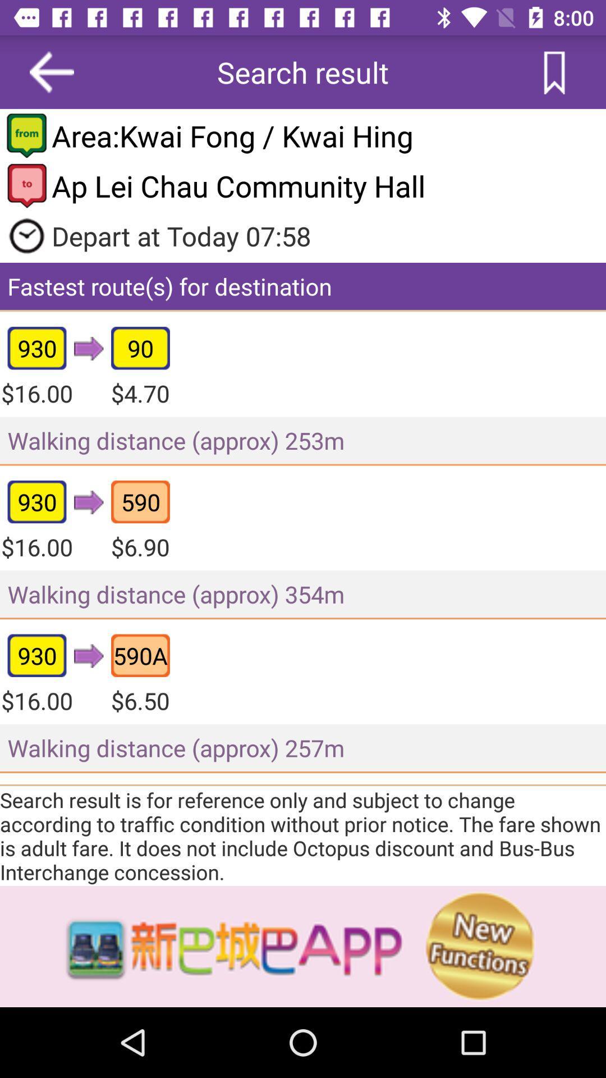  What do you see at coordinates (52, 71) in the screenshot?
I see `the arrow_backward icon` at bounding box center [52, 71].